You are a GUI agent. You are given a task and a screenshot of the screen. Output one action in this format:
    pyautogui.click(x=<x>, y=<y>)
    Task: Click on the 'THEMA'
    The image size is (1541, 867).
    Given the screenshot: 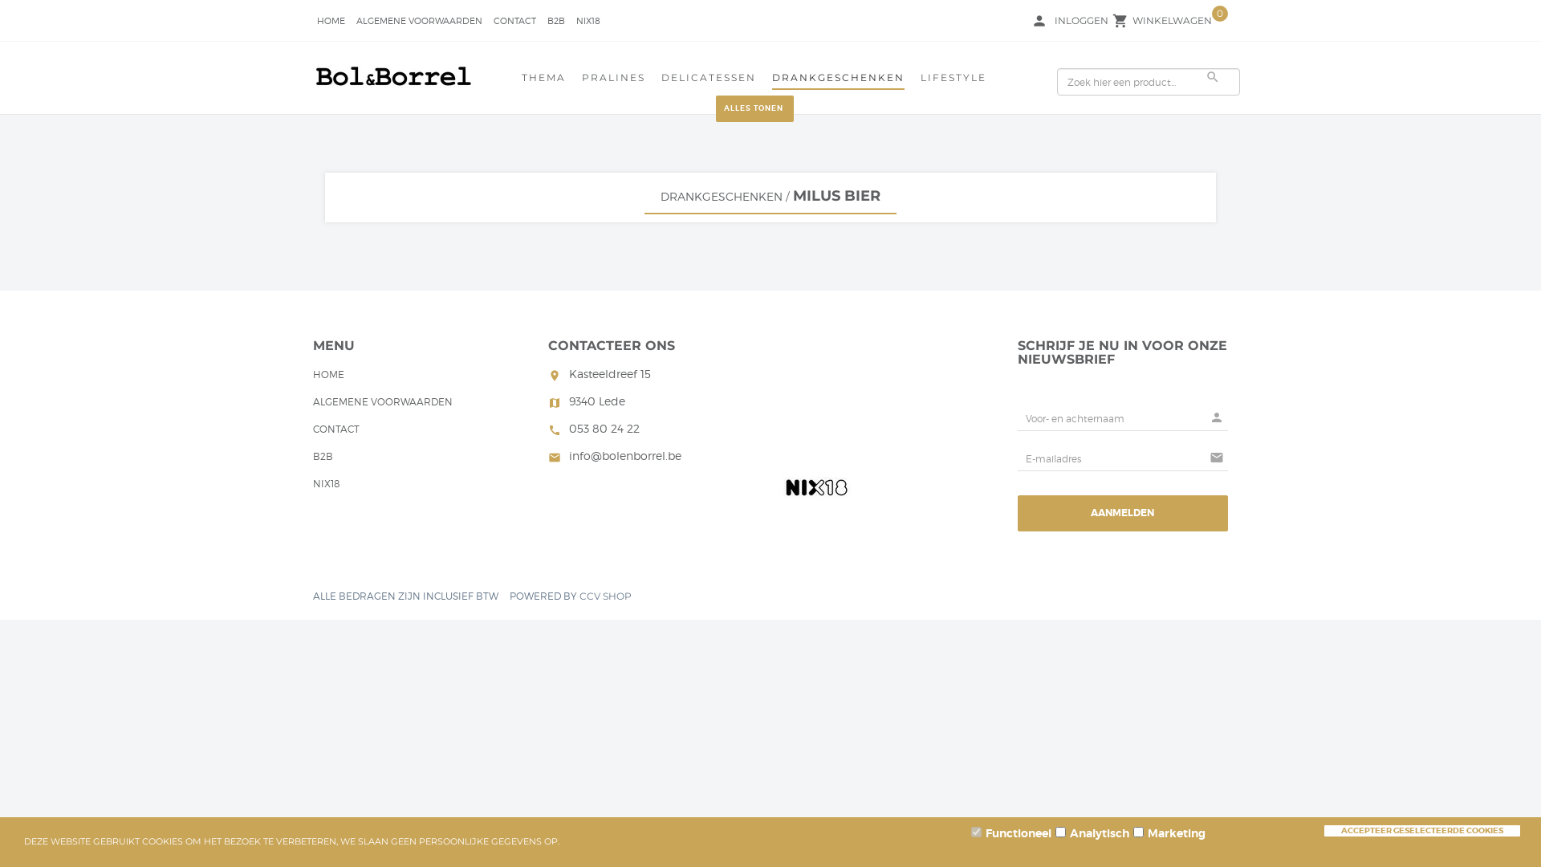 What is the action you would take?
    pyautogui.click(x=521, y=79)
    